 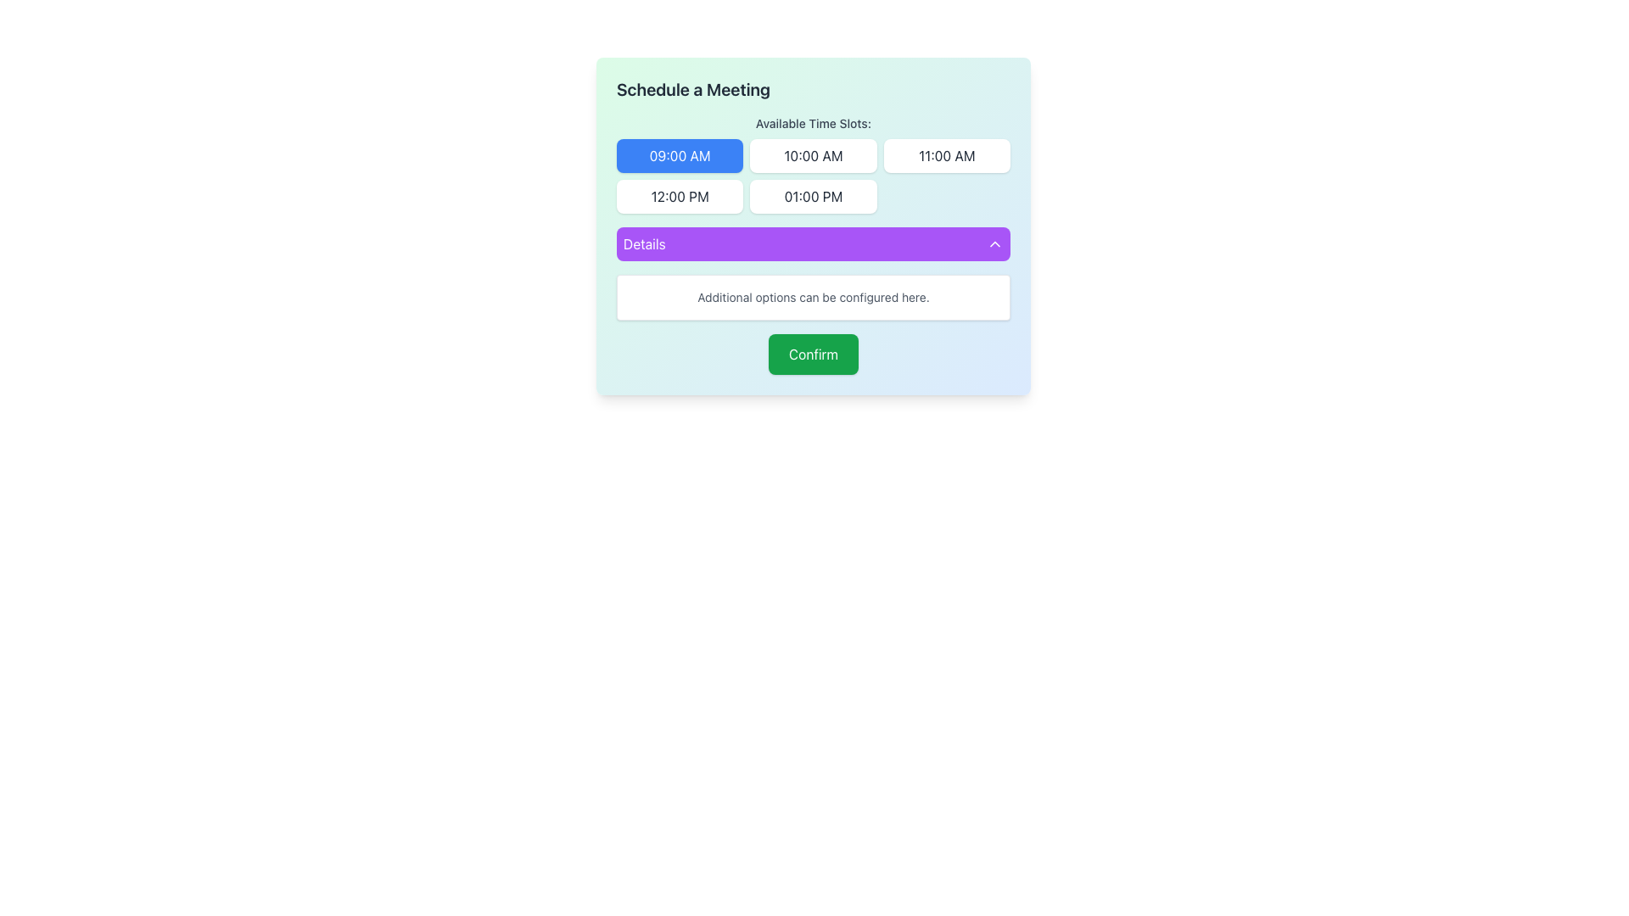 What do you see at coordinates (813, 353) in the screenshot?
I see `the confirm button located at the bottom of the modal interface` at bounding box center [813, 353].